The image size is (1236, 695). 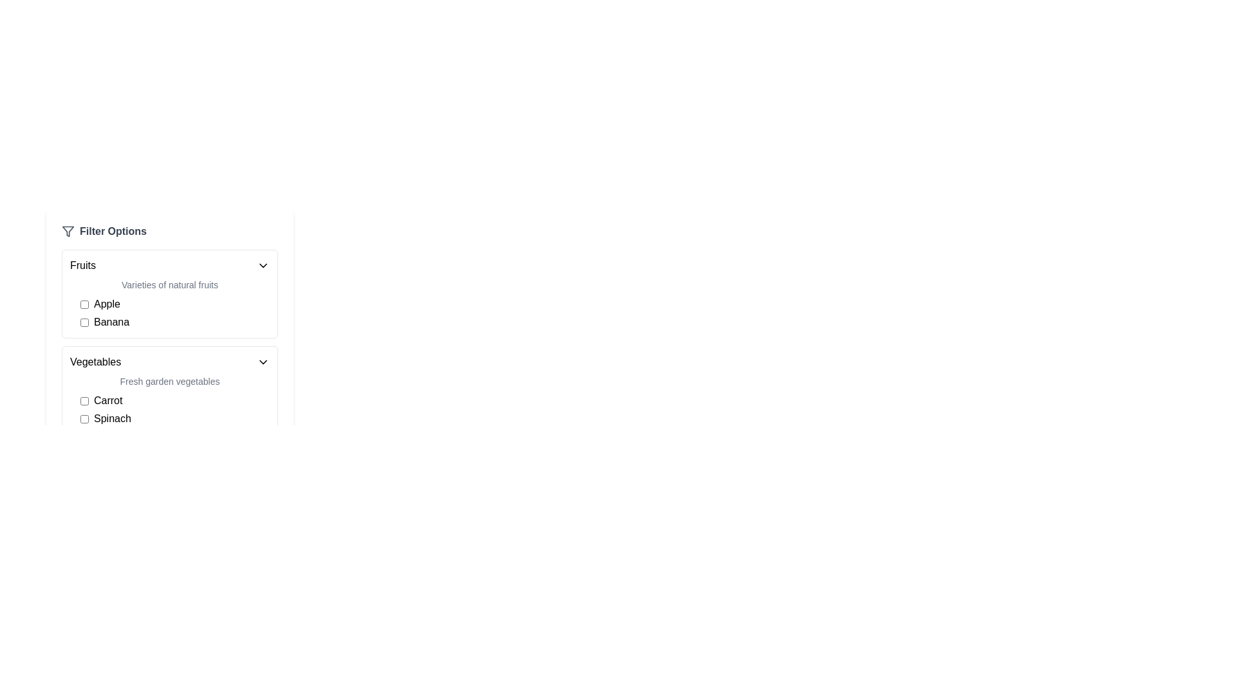 What do you see at coordinates (82, 264) in the screenshot?
I see `the 'Fruits' section title label located in the left sidebar, below the 'Filter Options' title` at bounding box center [82, 264].